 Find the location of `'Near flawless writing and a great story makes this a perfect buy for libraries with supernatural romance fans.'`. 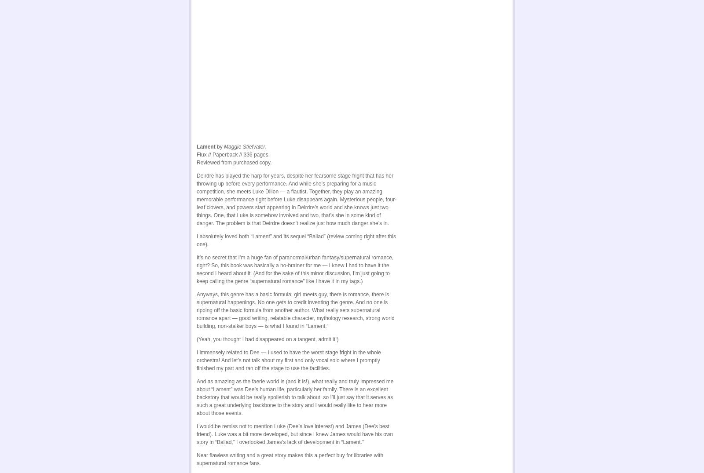

'Near flawless writing and a great story makes this a perfect buy for libraries with supernatural romance fans.' is located at coordinates (290, 458).